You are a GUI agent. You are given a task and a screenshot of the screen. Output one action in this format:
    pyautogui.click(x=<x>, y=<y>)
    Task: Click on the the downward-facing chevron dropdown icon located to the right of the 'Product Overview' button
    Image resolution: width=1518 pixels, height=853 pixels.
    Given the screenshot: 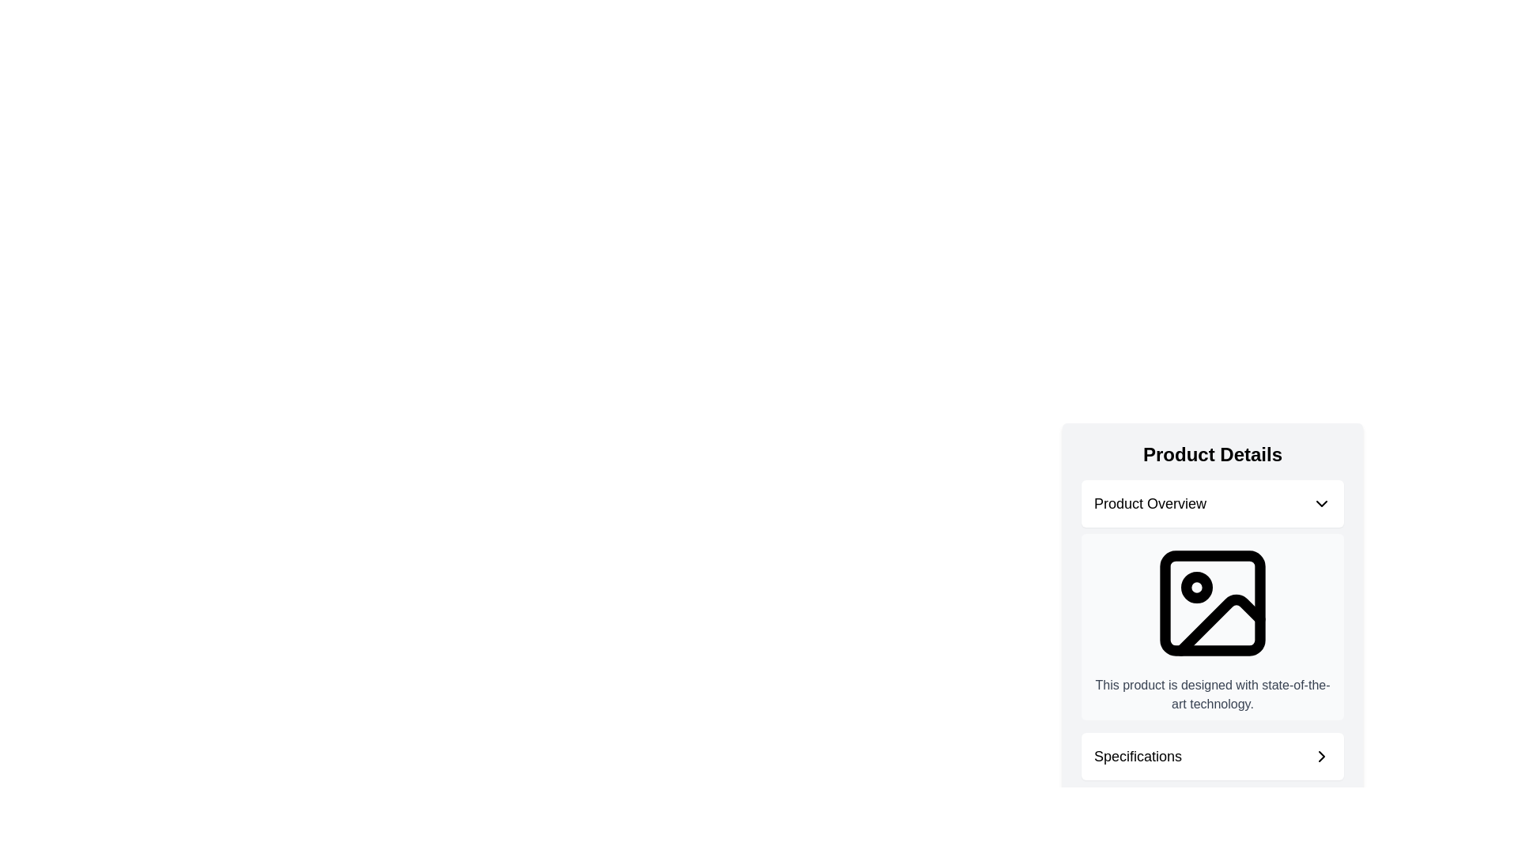 What is the action you would take?
    pyautogui.click(x=1321, y=503)
    